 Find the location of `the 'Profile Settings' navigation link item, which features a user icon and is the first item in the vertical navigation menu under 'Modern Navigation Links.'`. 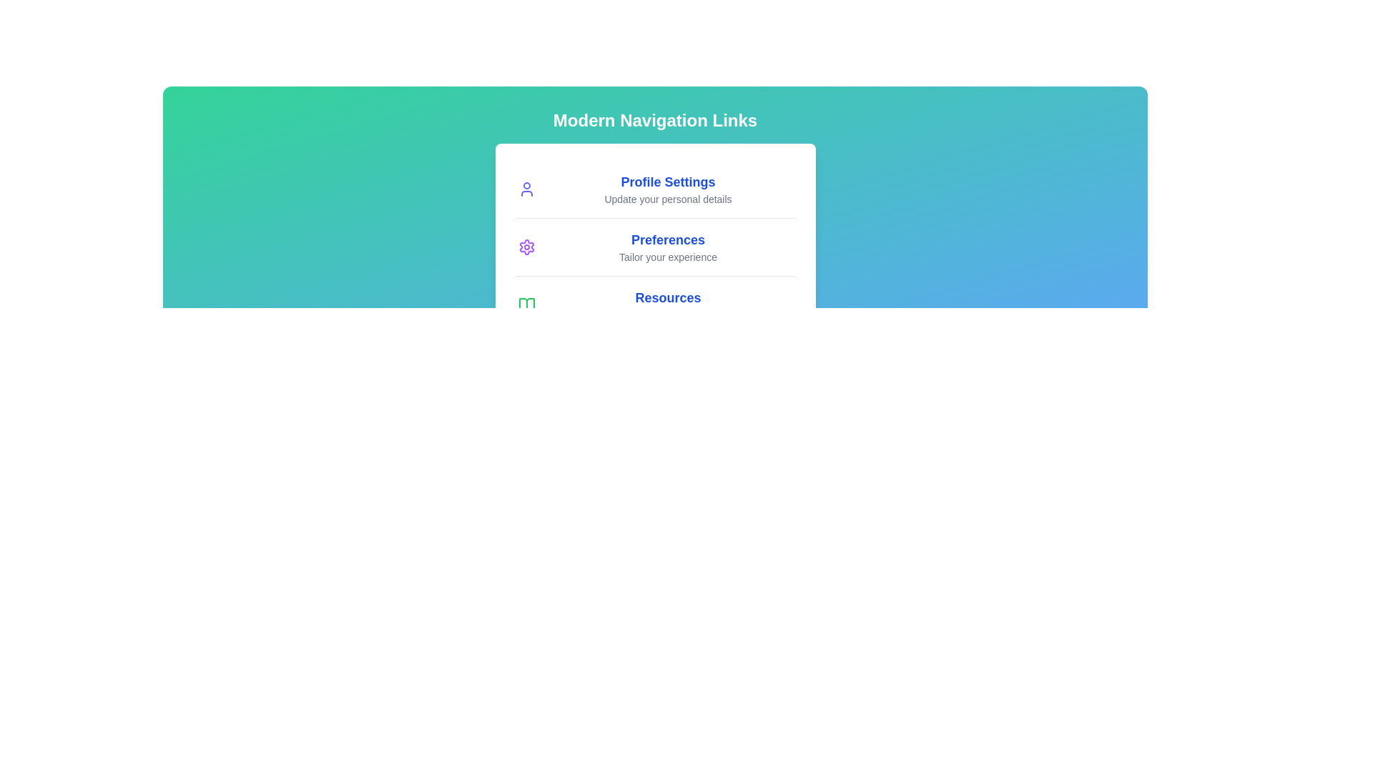

the 'Profile Settings' navigation link item, which features a user icon and is the first item in the vertical navigation menu under 'Modern Navigation Links.' is located at coordinates (654, 189).